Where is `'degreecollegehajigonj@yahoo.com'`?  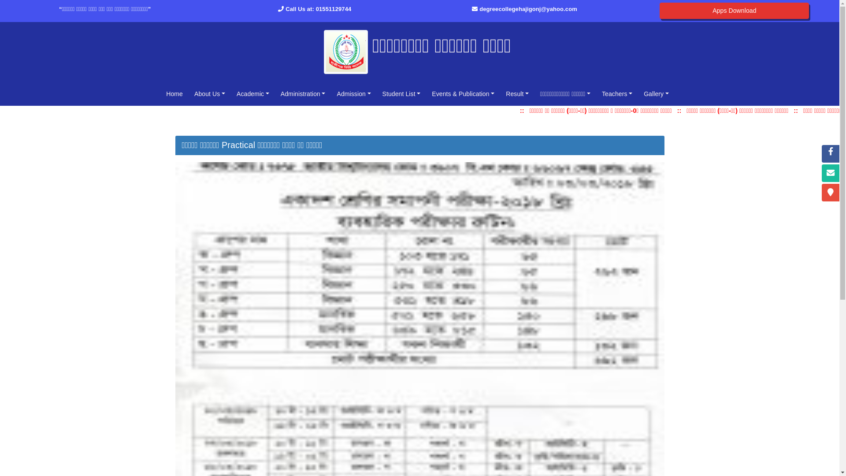 'degreecollegehajigonj@yahoo.com' is located at coordinates (479, 9).